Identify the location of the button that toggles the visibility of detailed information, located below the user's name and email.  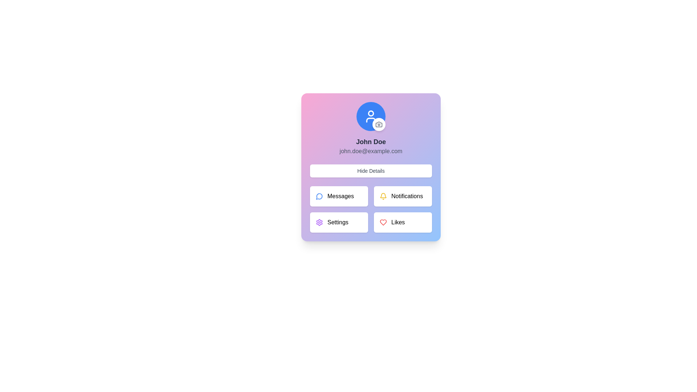
(371, 171).